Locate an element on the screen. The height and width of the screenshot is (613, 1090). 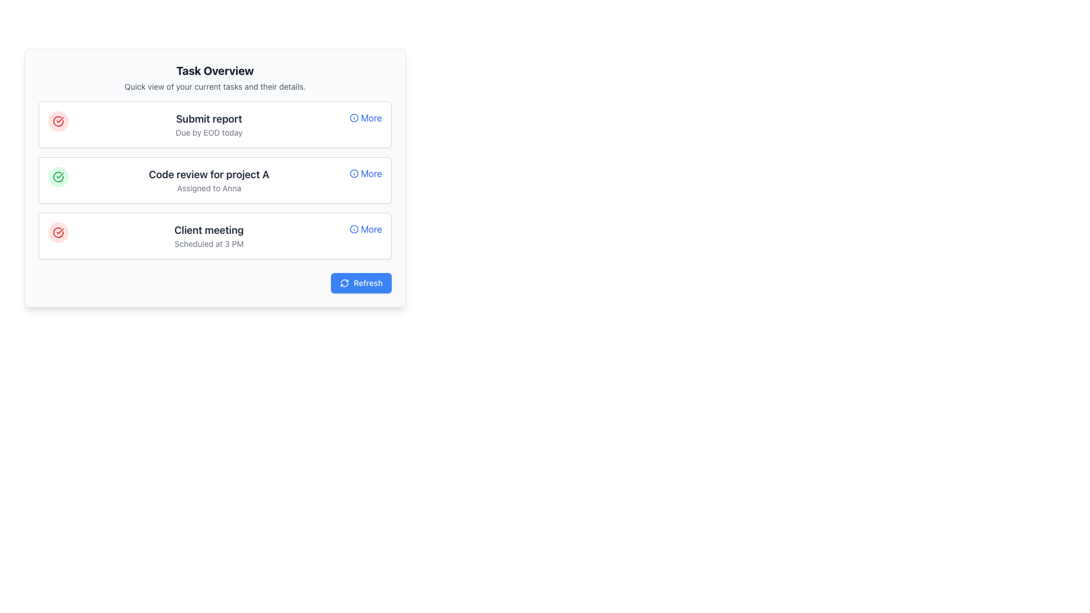
the text link on the rightmost position of the third list entry under the 'Client meeting' task is located at coordinates (371, 229).